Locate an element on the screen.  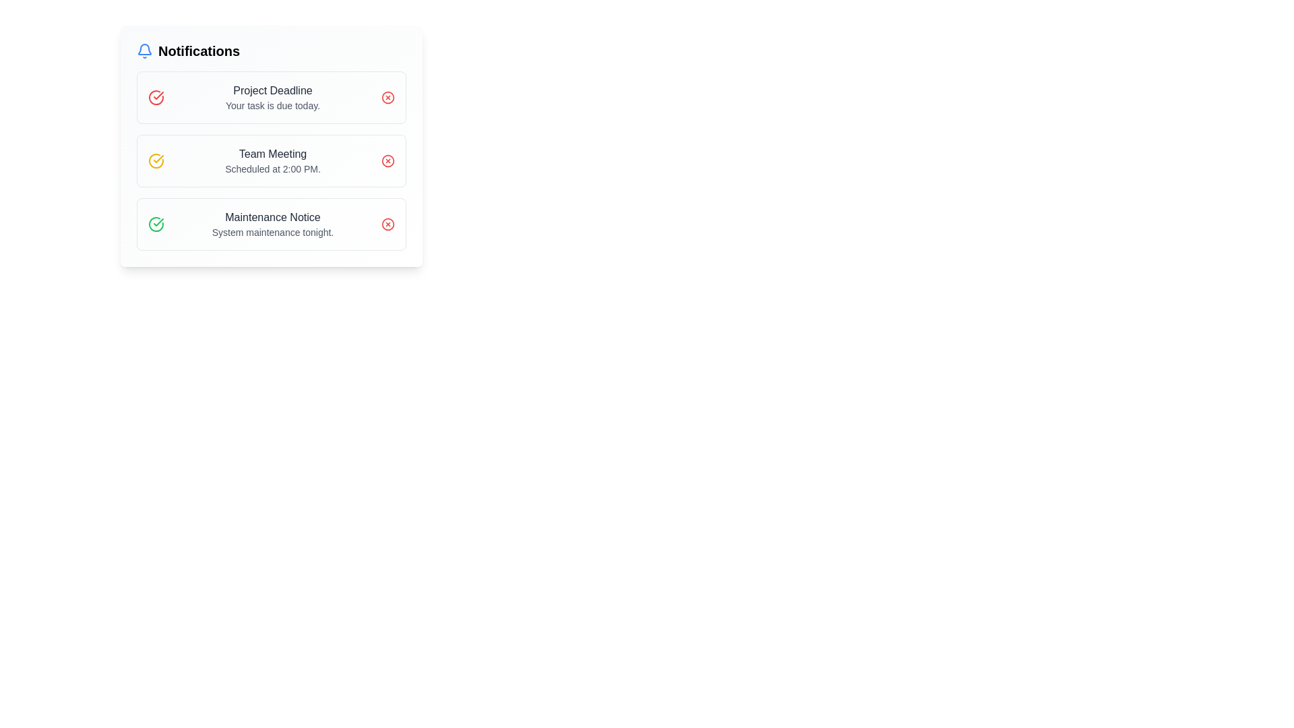
the first icon indicating the completed state of the 'Maintenance Notice' notification entry, located at the top-left of its text block is located at coordinates (156, 223).